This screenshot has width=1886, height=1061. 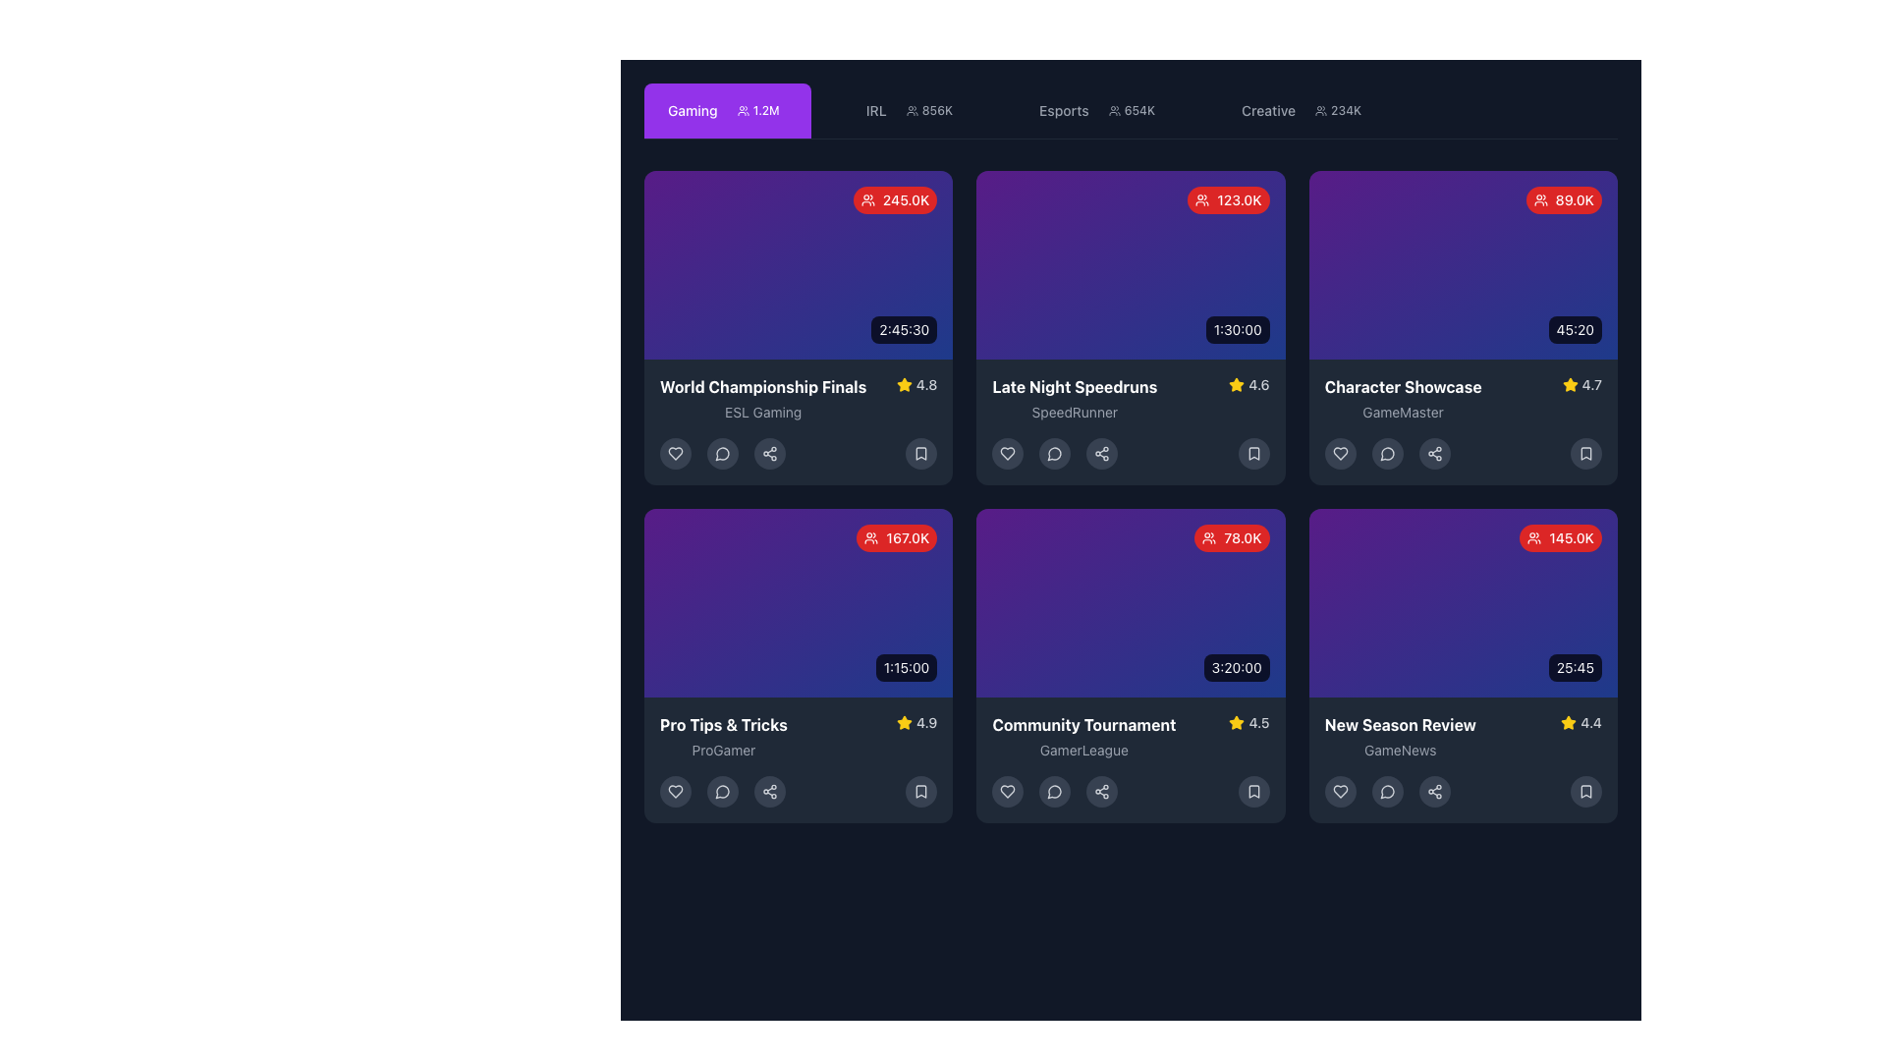 I want to click on the heart-shaped icon located at the lower part of the content card to mark the content as liked, so click(x=1339, y=454).